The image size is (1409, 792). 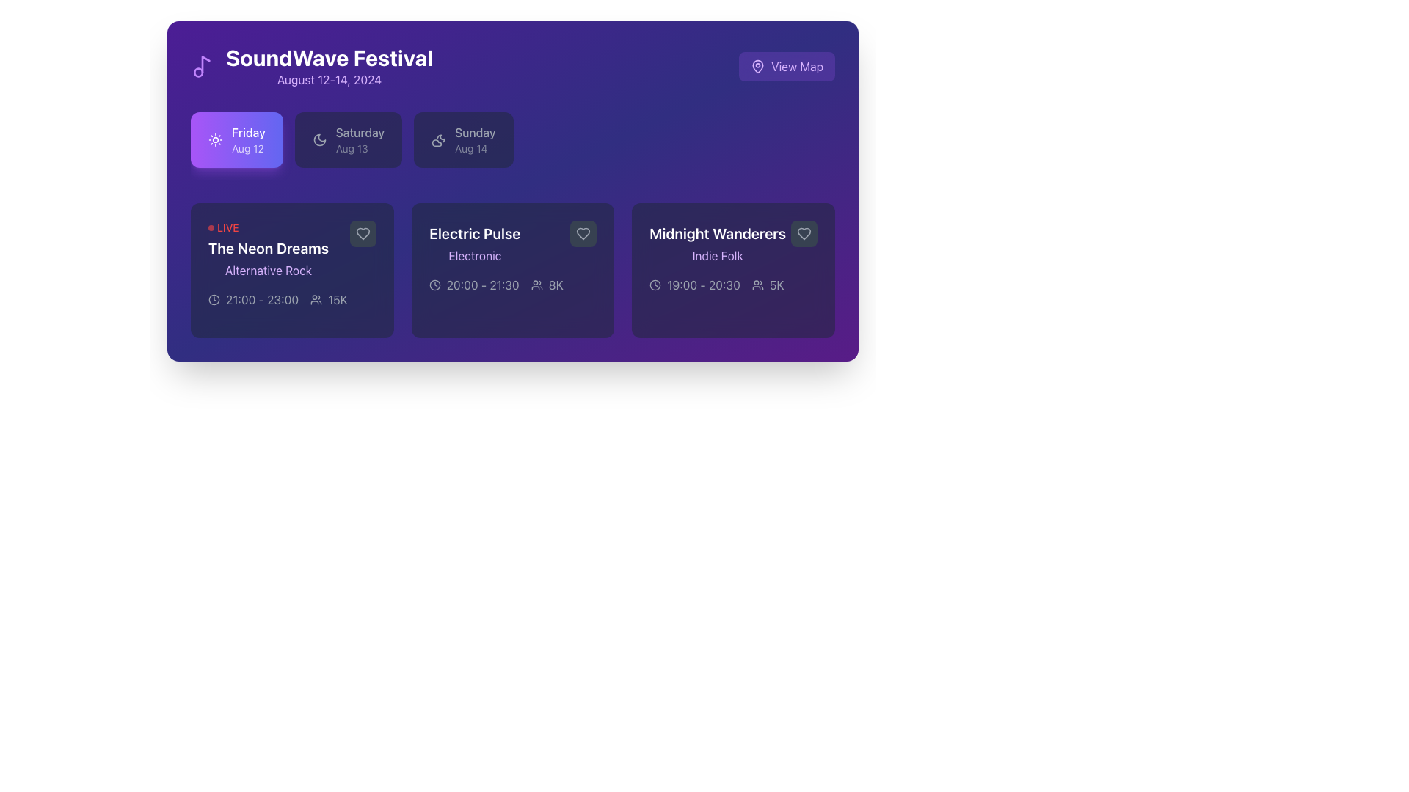 I want to click on the information provided by the informative label with icons displaying event time (20:00 - 21:30) and expected attendees (8K) under the 'Electric Pulse' section for 'Friday Aug 12', so click(x=513, y=285).